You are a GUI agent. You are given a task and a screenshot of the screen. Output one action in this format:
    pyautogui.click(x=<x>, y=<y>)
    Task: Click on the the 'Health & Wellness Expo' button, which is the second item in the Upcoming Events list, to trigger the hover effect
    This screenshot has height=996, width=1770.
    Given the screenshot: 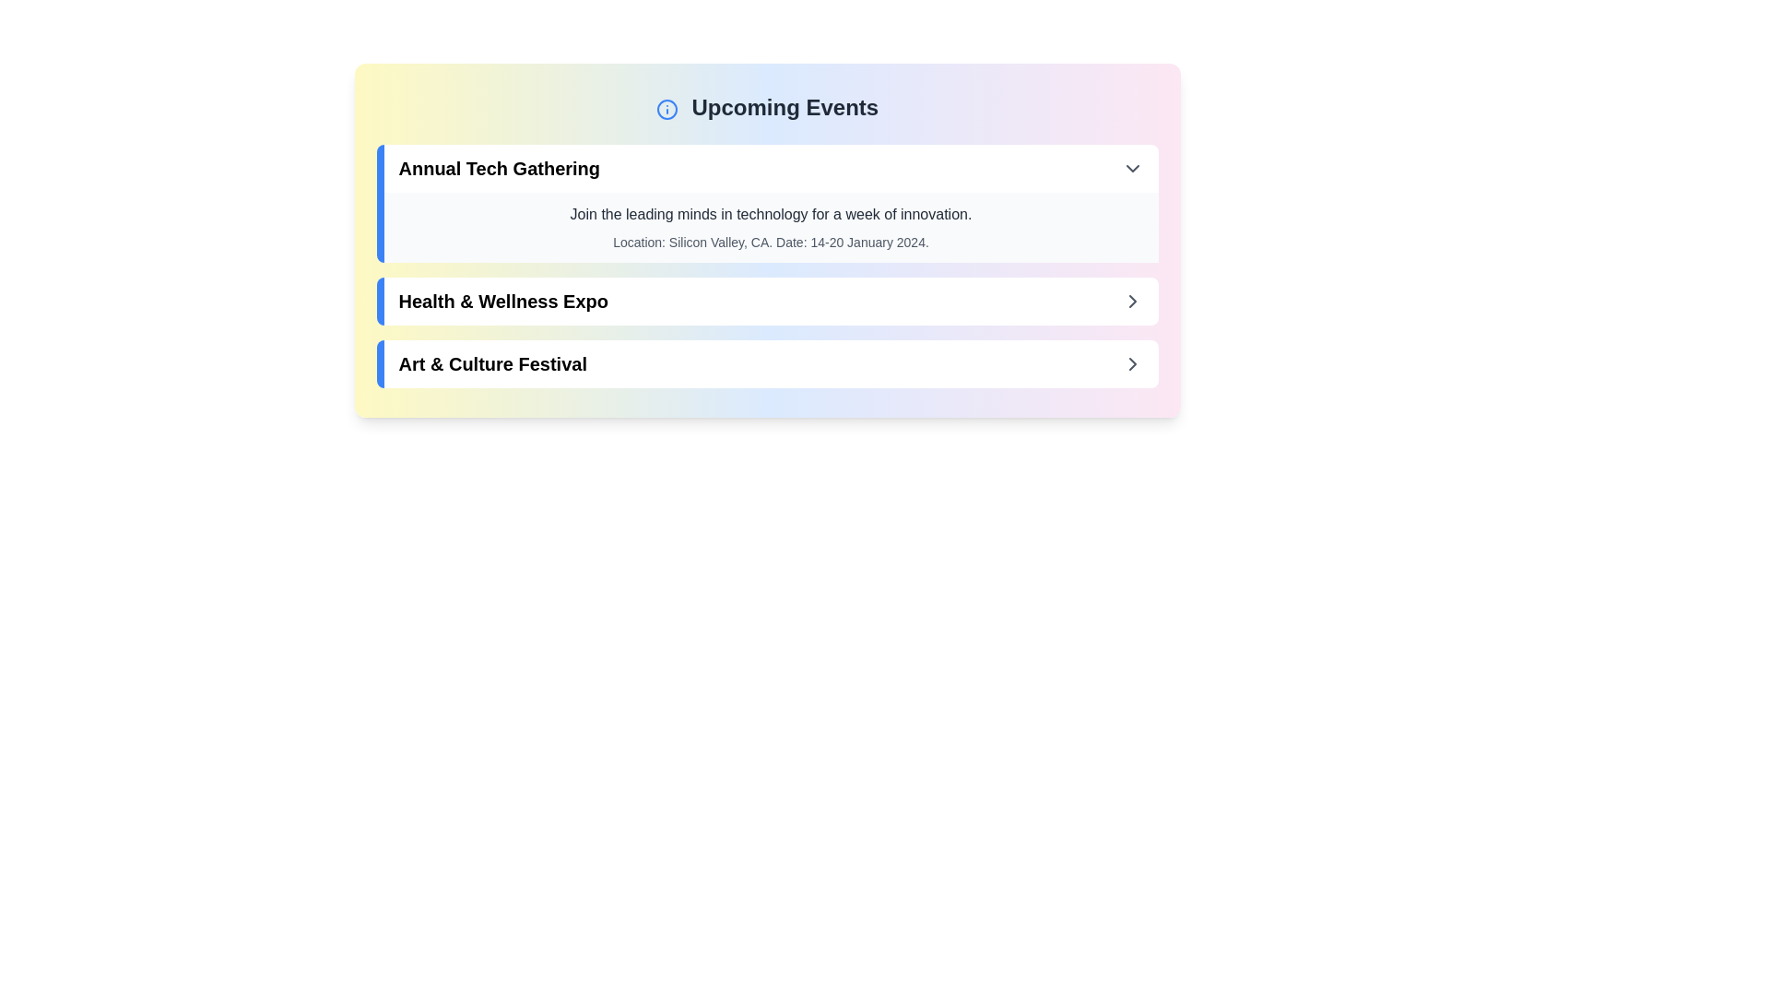 What is the action you would take?
    pyautogui.click(x=771, y=301)
    